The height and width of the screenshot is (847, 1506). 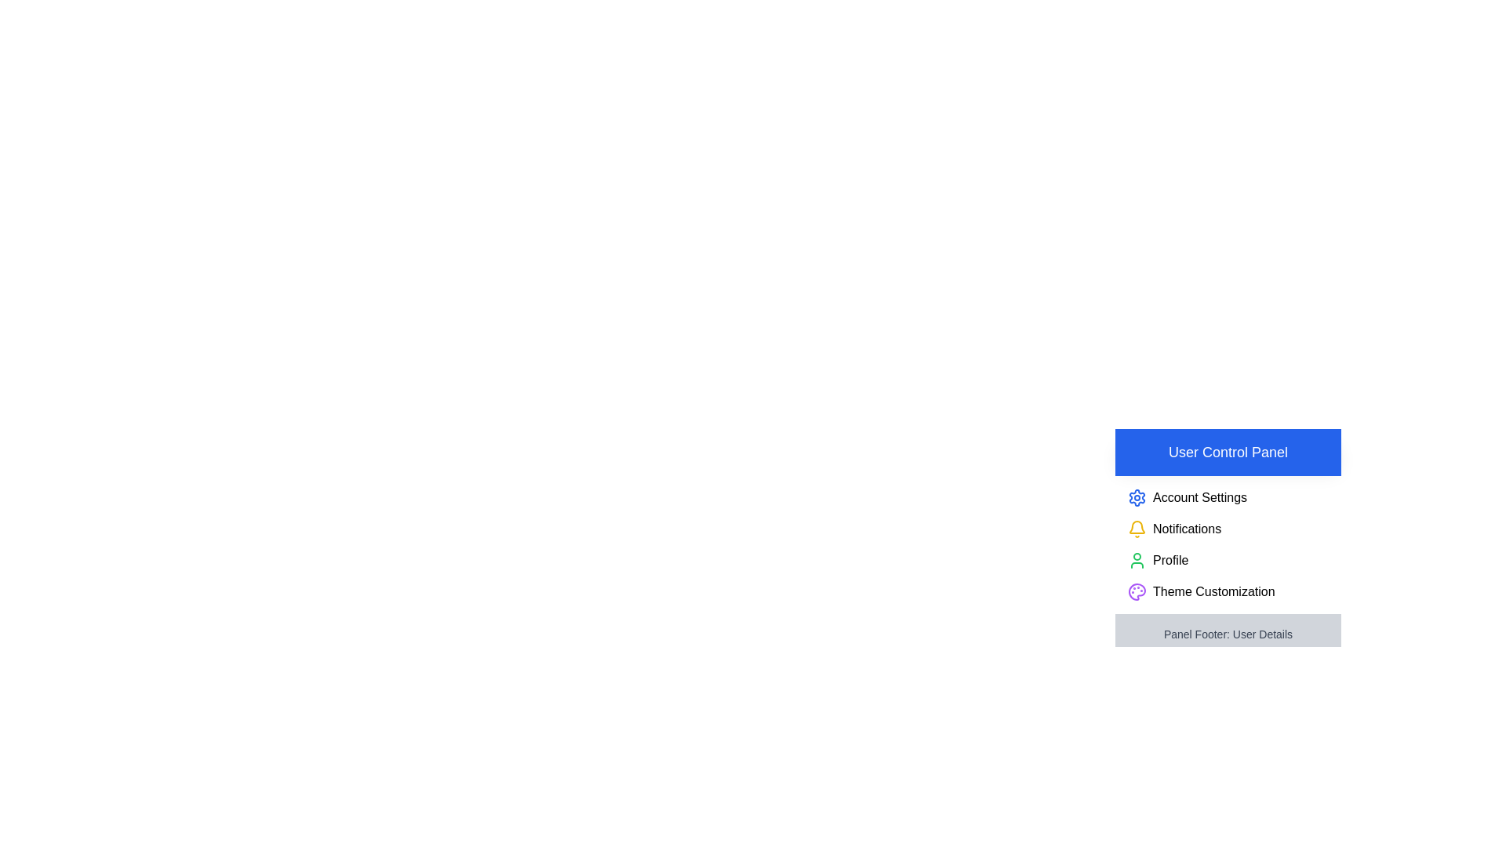 I want to click on the 'Profile' option in the drawer, so click(x=1227, y=559).